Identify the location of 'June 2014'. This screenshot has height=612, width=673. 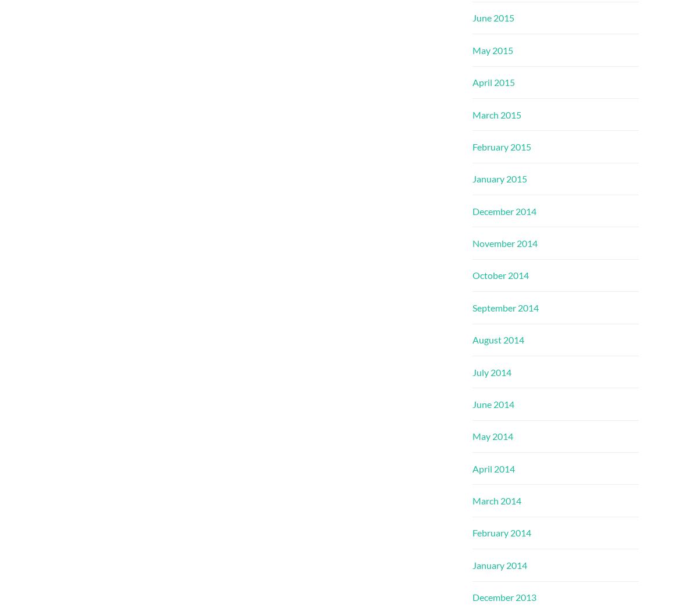
(472, 403).